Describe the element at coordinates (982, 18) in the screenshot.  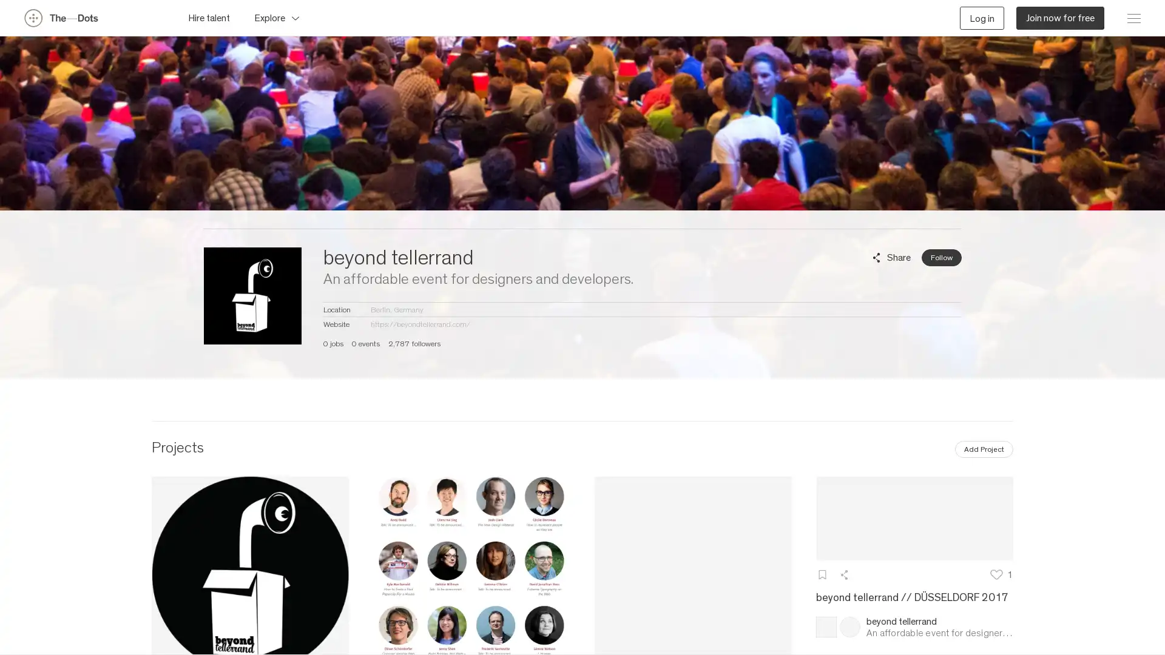
I see `Log in` at that location.